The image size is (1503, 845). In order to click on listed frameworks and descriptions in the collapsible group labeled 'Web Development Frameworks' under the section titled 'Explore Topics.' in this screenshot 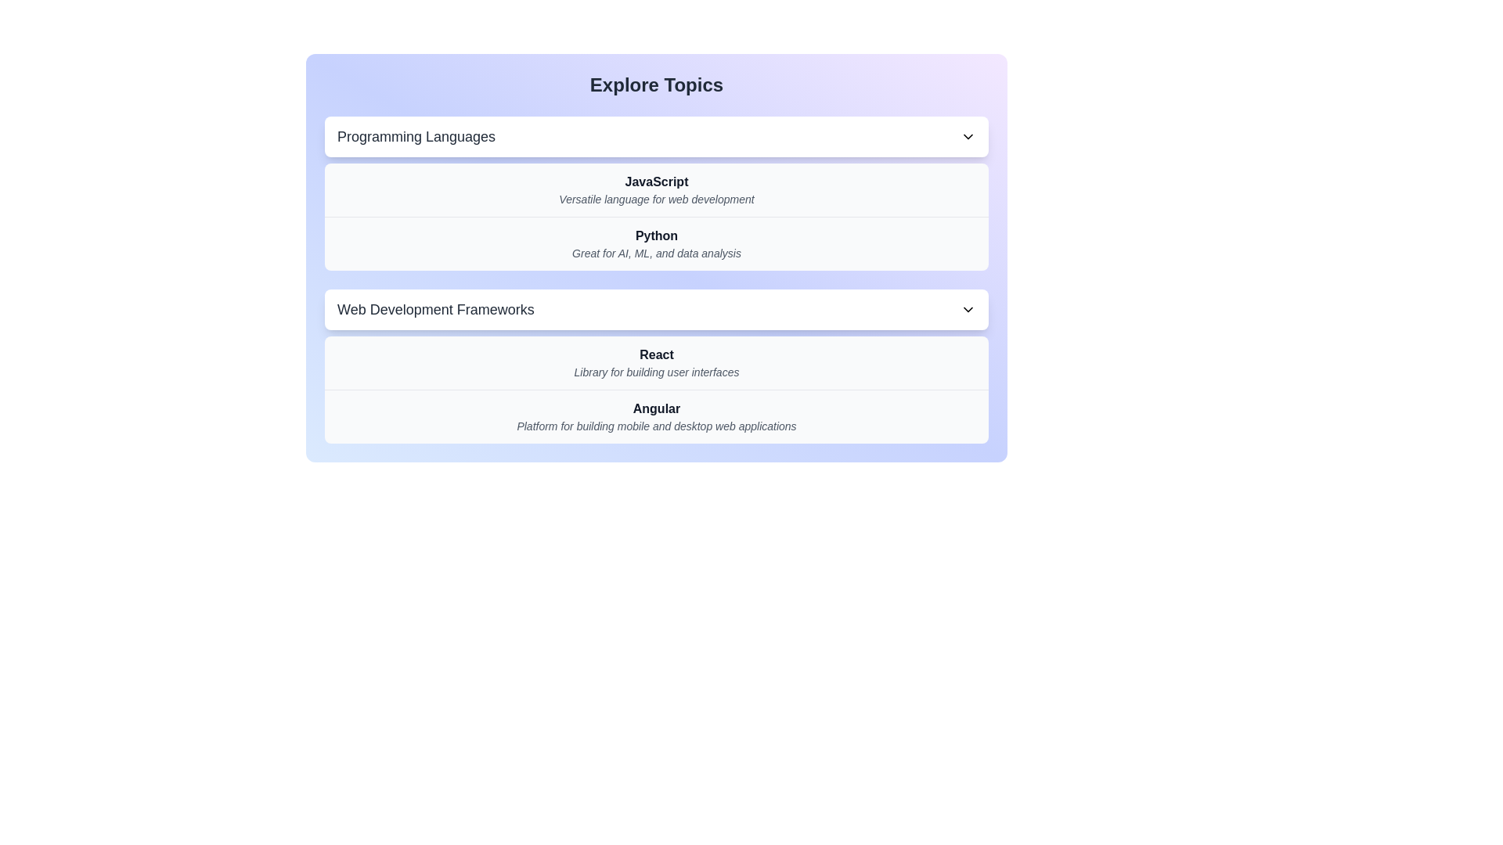, I will do `click(657, 366)`.